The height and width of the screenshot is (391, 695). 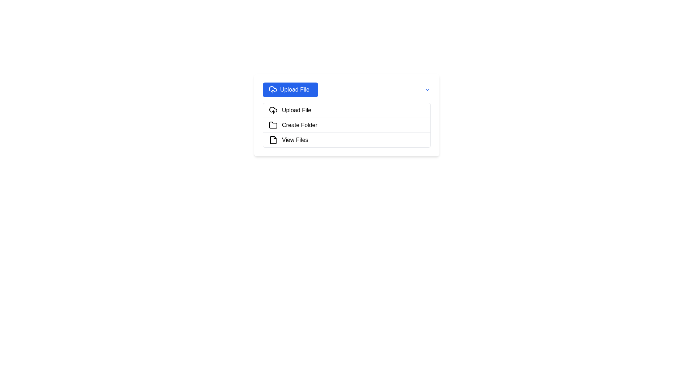 What do you see at coordinates (427, 89) in the screenshot?
I see `the Dropdown toggle icon located to the far right of the 'Upload File' text` at bounding box center [427, 89].